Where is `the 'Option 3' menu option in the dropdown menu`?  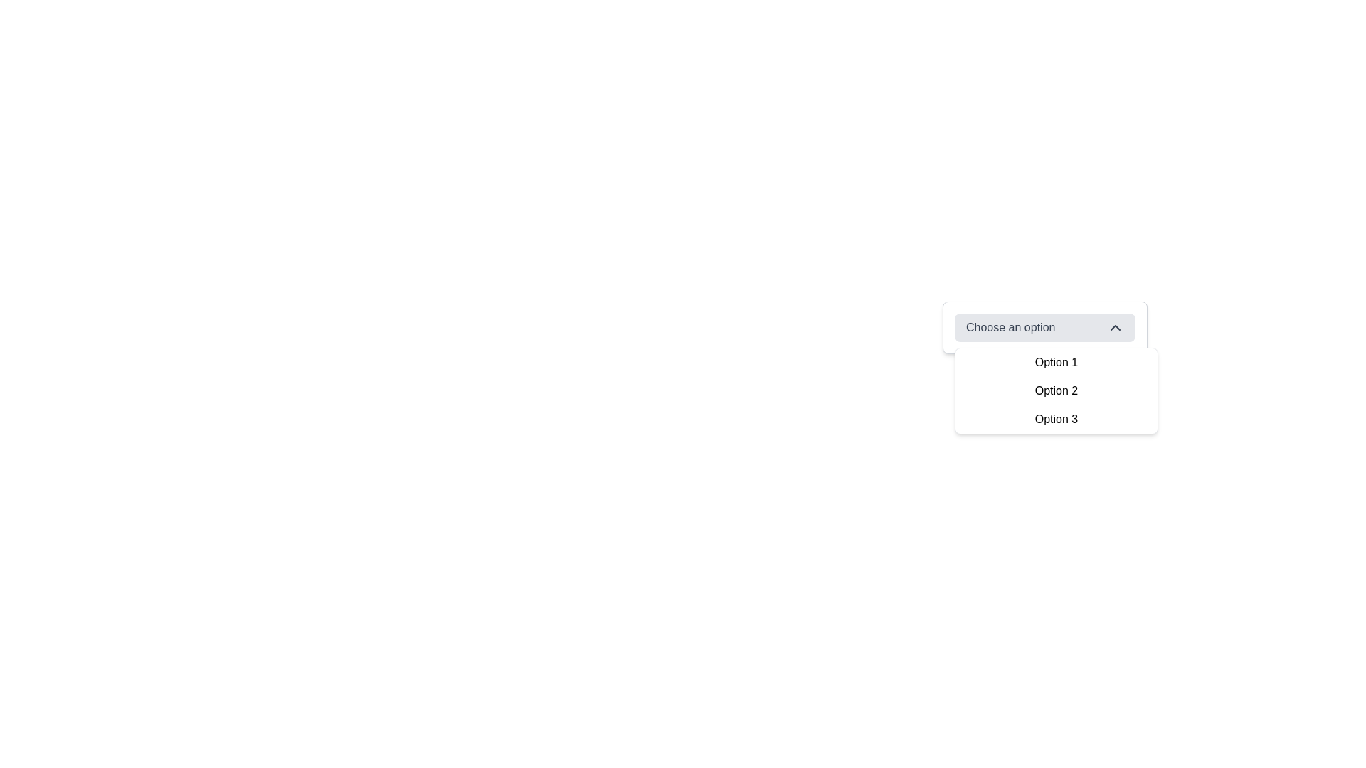
the 'Option 3' menu option in the dropdown menu is located at coordinates (1056, 419).